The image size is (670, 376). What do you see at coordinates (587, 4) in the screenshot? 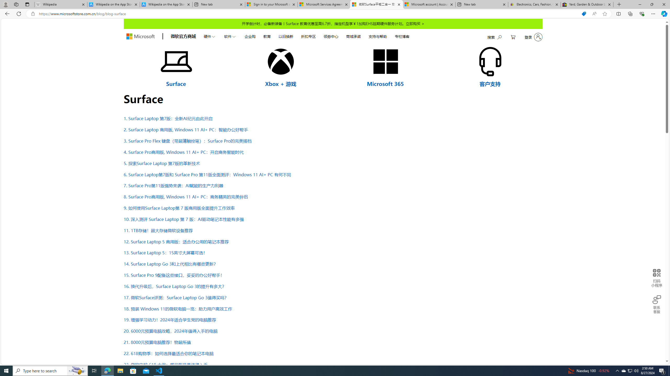
I see `'Yard, Garden & Outdoor Living'` at bounding box center [587, 4].